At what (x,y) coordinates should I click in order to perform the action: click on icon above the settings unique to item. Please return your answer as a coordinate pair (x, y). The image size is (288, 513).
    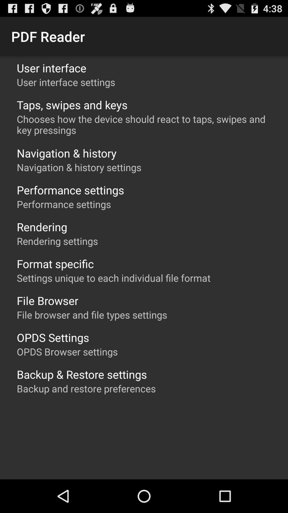
    Looking at the image, I should click on (55, 264).